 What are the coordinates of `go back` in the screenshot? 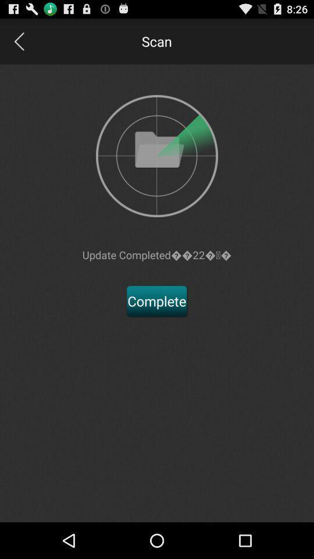 It's located at (18, 41).